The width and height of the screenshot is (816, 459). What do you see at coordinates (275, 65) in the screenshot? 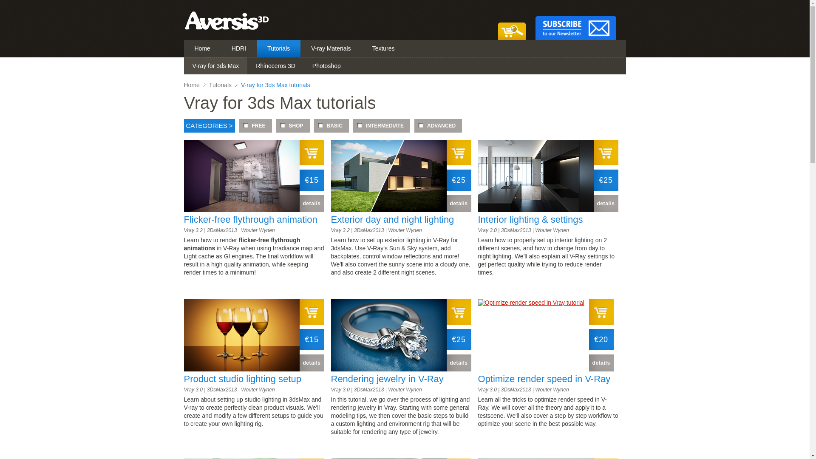
I see `'Rhinoceros 3D'` at bounding box center [275, 65].